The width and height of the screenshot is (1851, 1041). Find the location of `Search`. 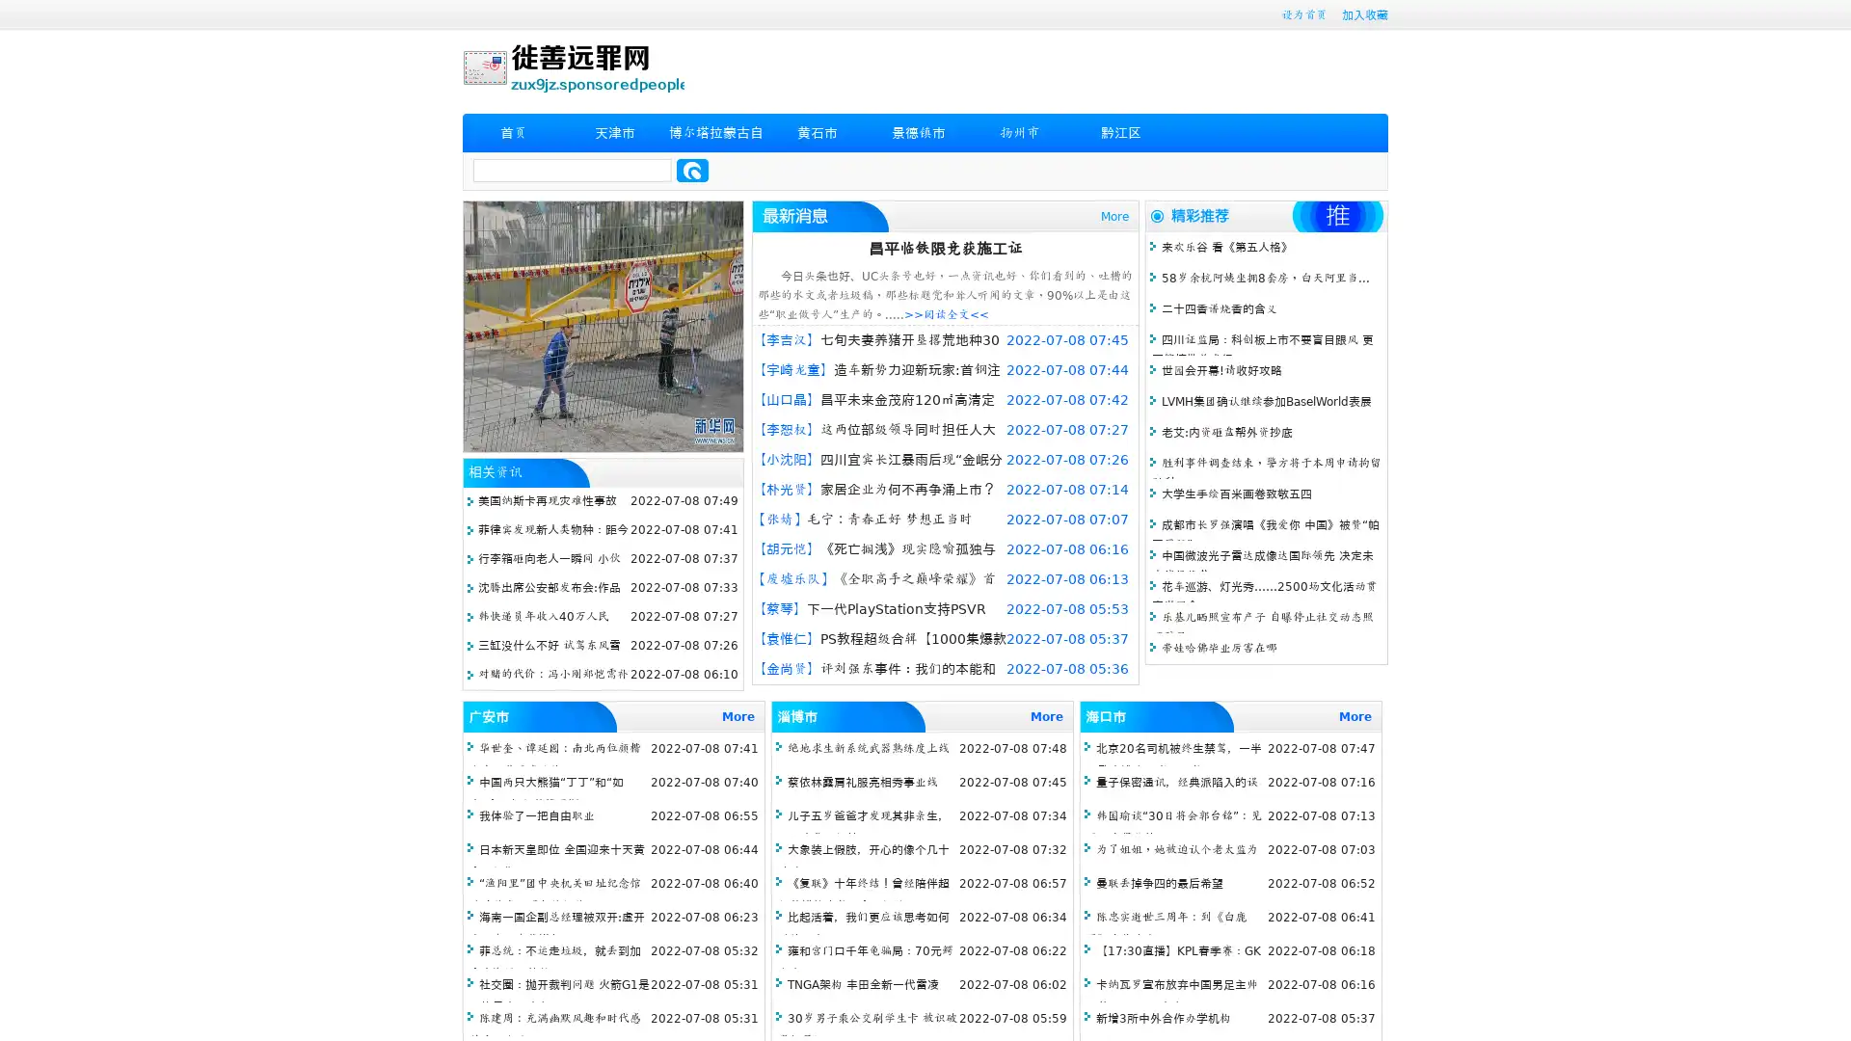

Search is located at coordinates (692, 170).